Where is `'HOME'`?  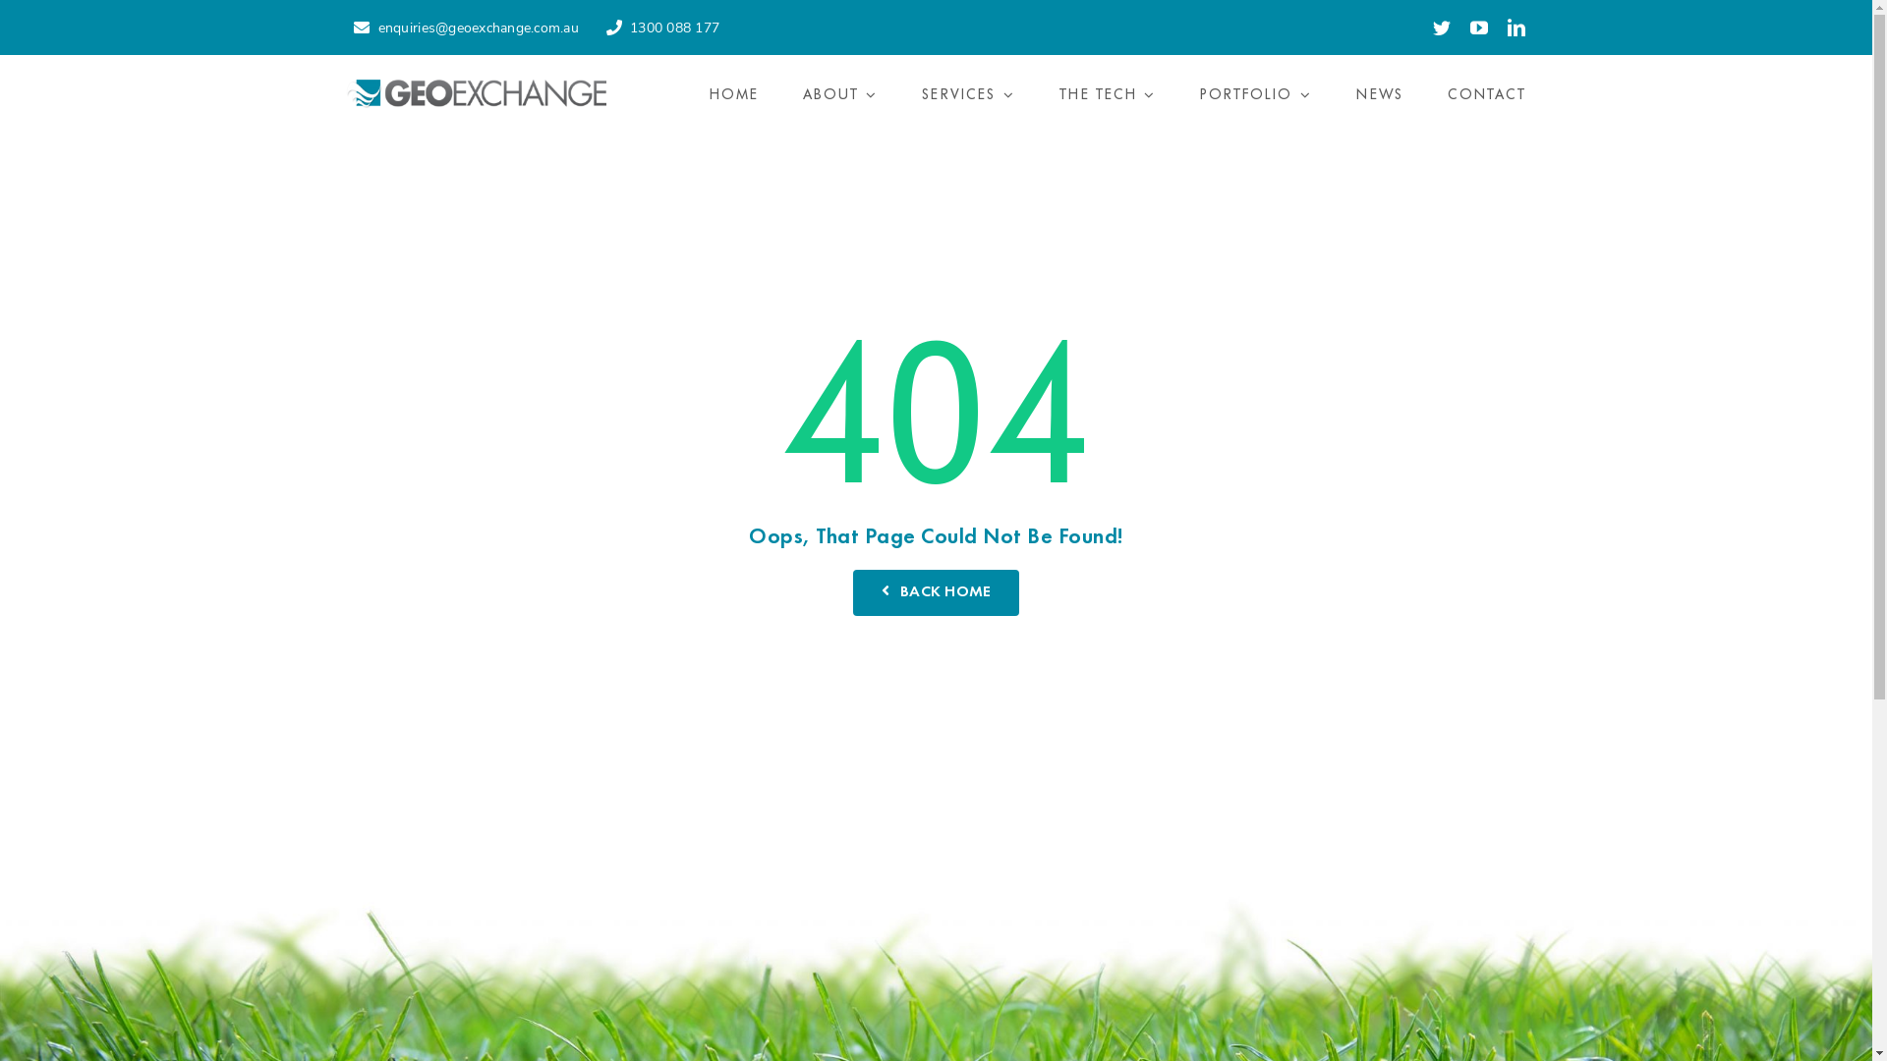 'HOME' is located at coordinates (733, 94).